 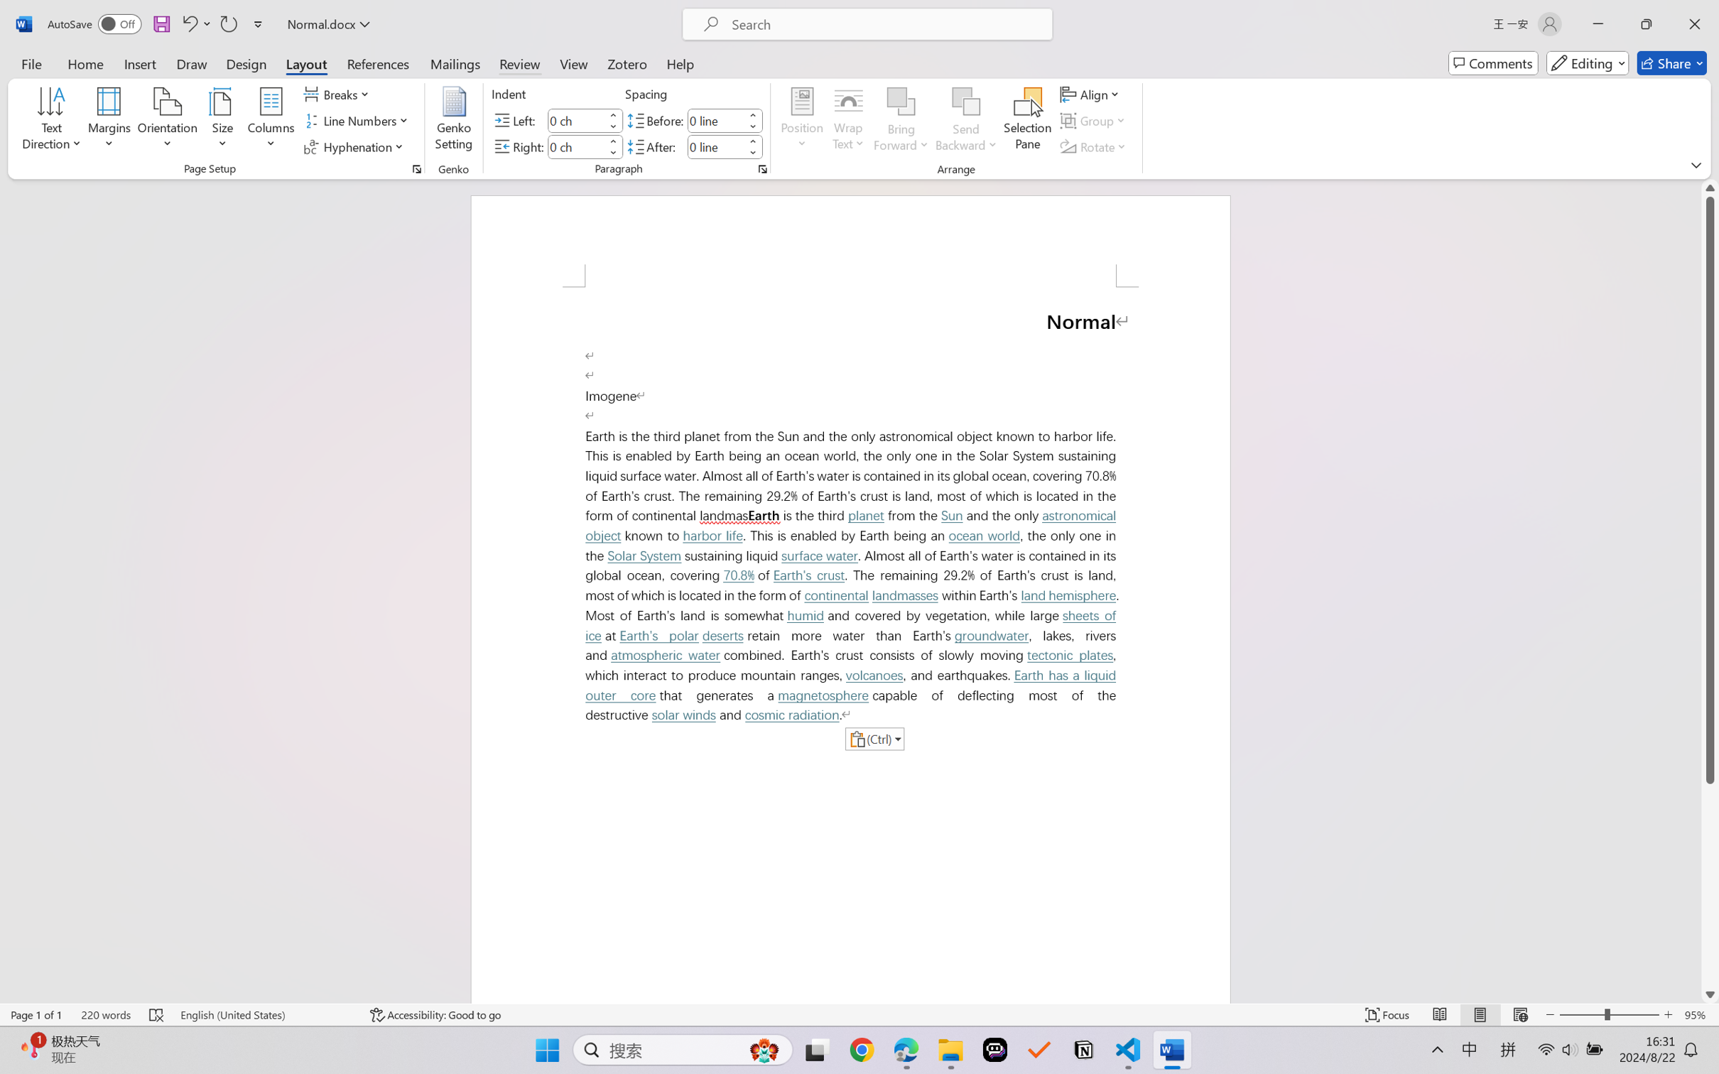 What do you see at coordinates (739, 575) in the screenshot?
I see `'70.8%'` at bounding box center [739, 575].